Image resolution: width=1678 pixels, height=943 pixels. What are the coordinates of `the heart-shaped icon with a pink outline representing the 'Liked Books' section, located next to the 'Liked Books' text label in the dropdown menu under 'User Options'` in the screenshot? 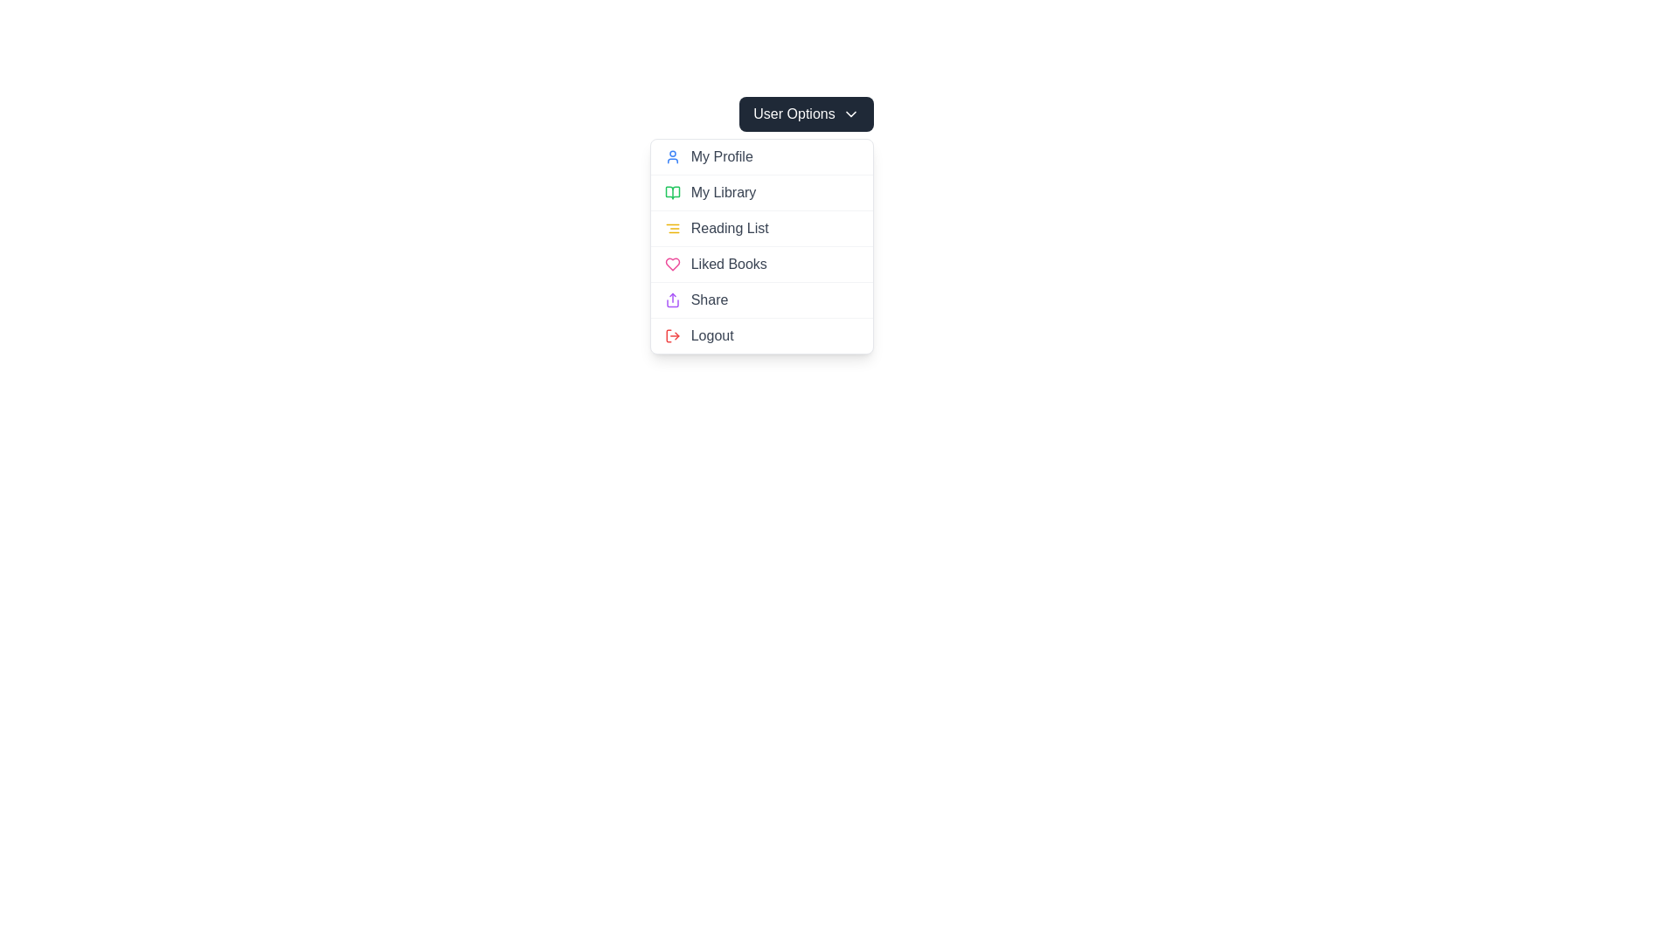 It's located at (671, 265).